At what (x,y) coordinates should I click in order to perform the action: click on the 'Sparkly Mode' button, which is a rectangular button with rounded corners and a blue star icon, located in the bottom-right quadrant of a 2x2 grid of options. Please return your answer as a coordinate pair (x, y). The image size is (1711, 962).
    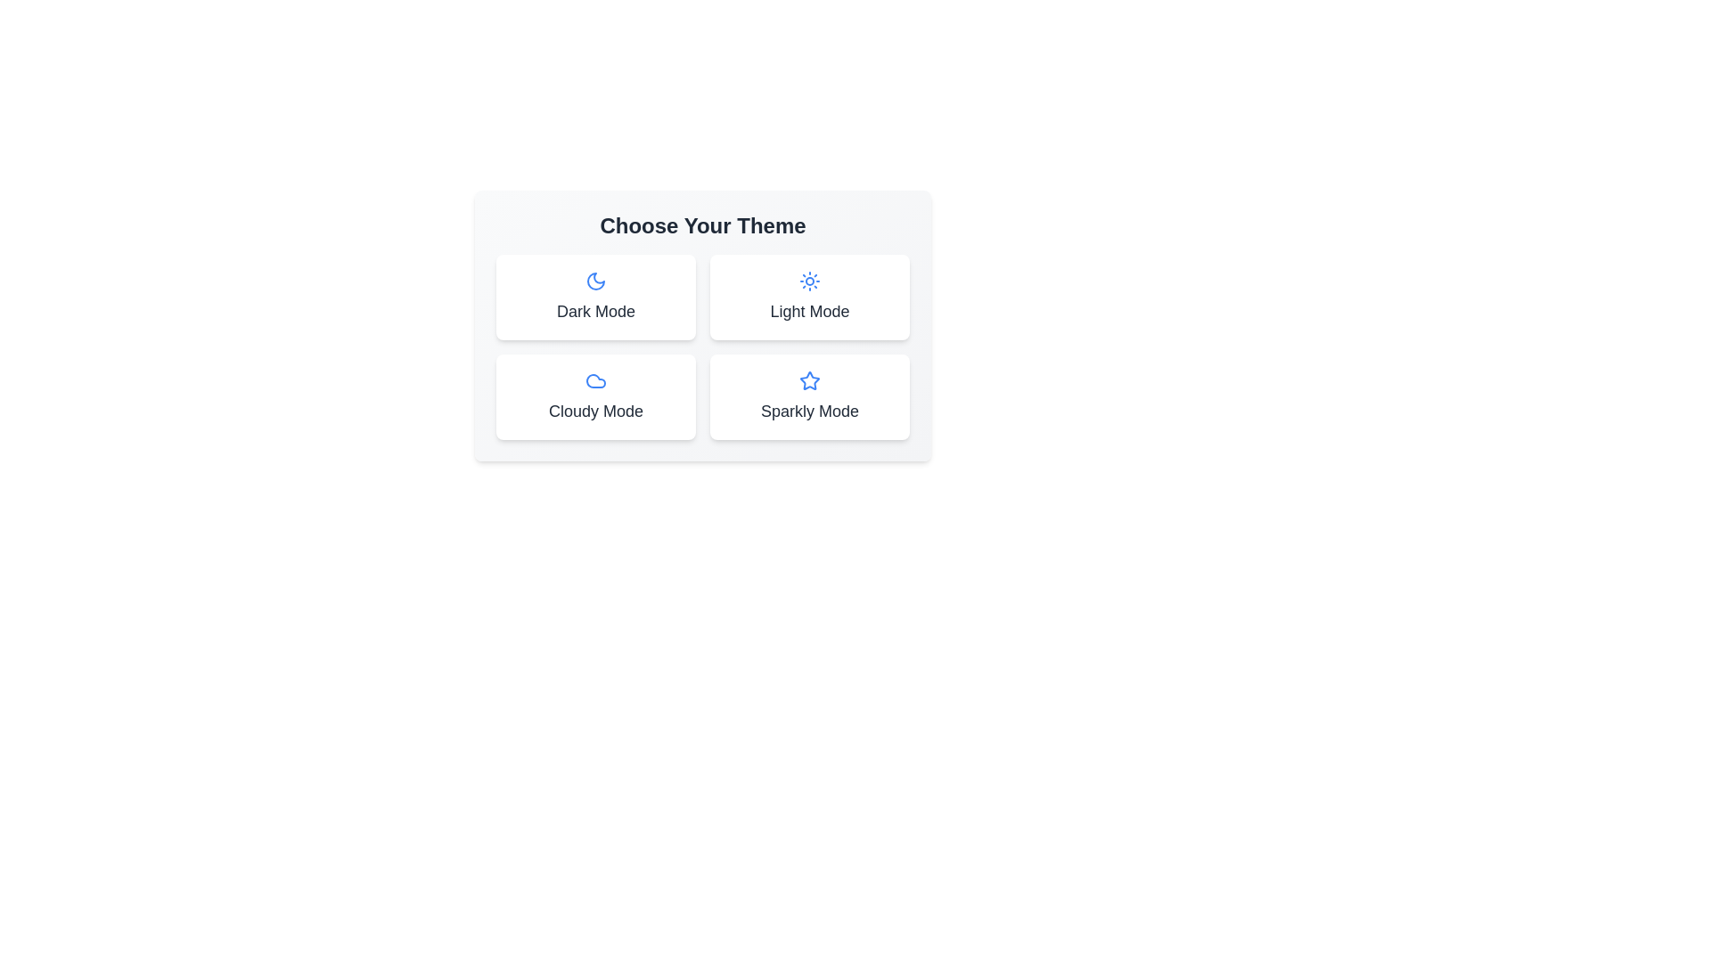
    Looking at the image, I should click on (808, 396).